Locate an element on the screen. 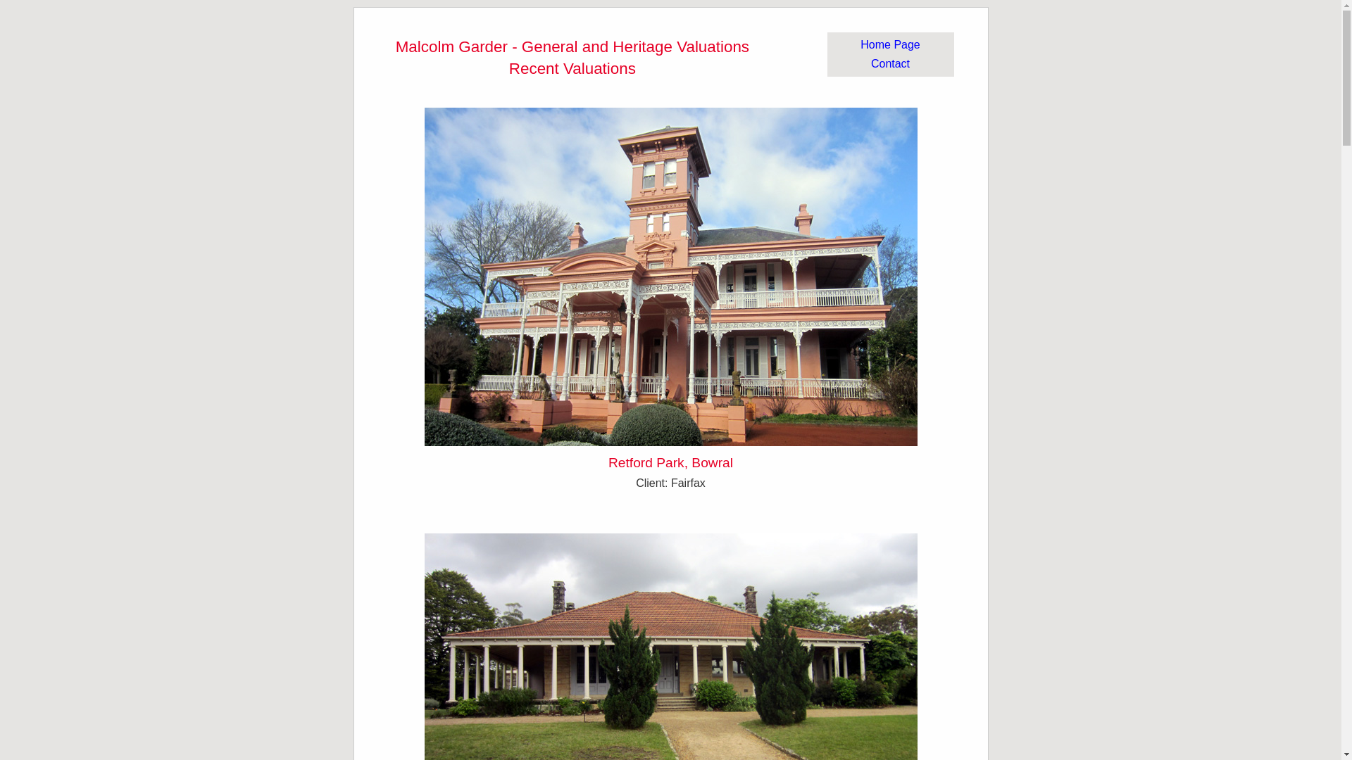 This screenshot has height=760, width=1352. 'Contact' is located at coordinates (889, 63).